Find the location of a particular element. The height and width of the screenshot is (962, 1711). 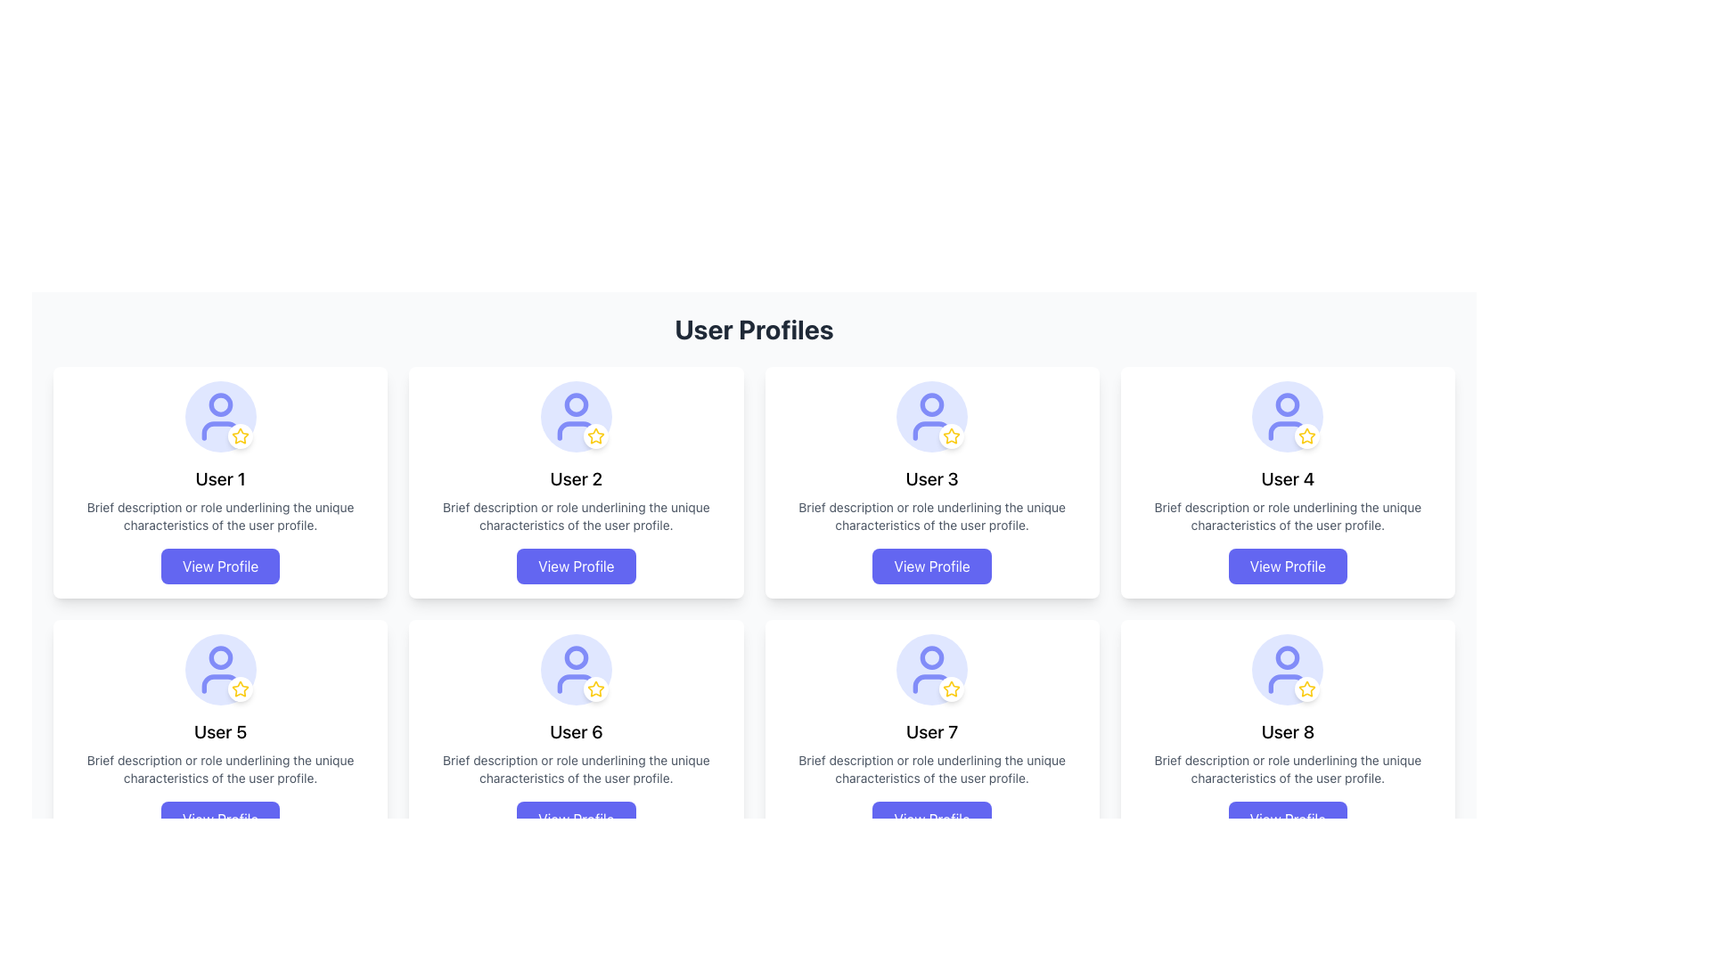

the user profile icon within the 'User 6' card, located in the second row and third column of the layout grid is located at coordinates (576, 670).